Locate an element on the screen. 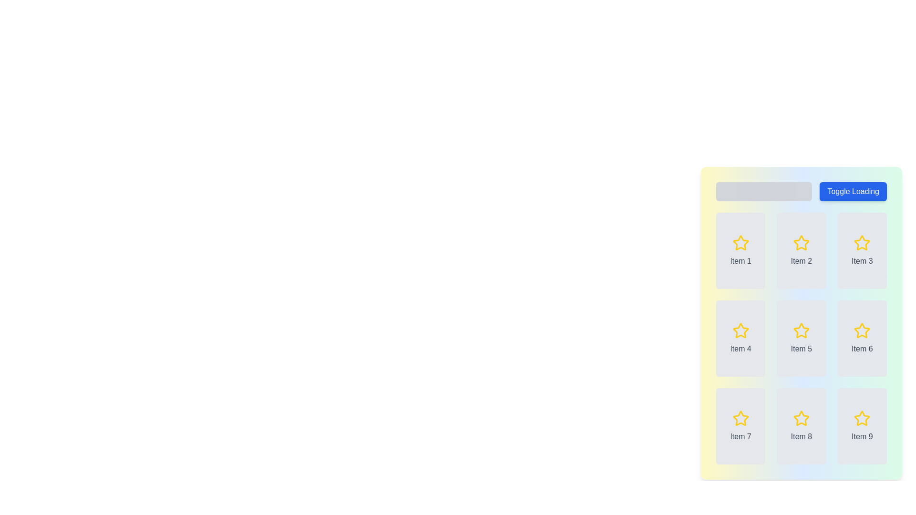 The image size is (916, 515). the rating icon located in the second row and third column of the grid layout, which is directly above the label 'Item 6' is located at coordinates (862, 330).